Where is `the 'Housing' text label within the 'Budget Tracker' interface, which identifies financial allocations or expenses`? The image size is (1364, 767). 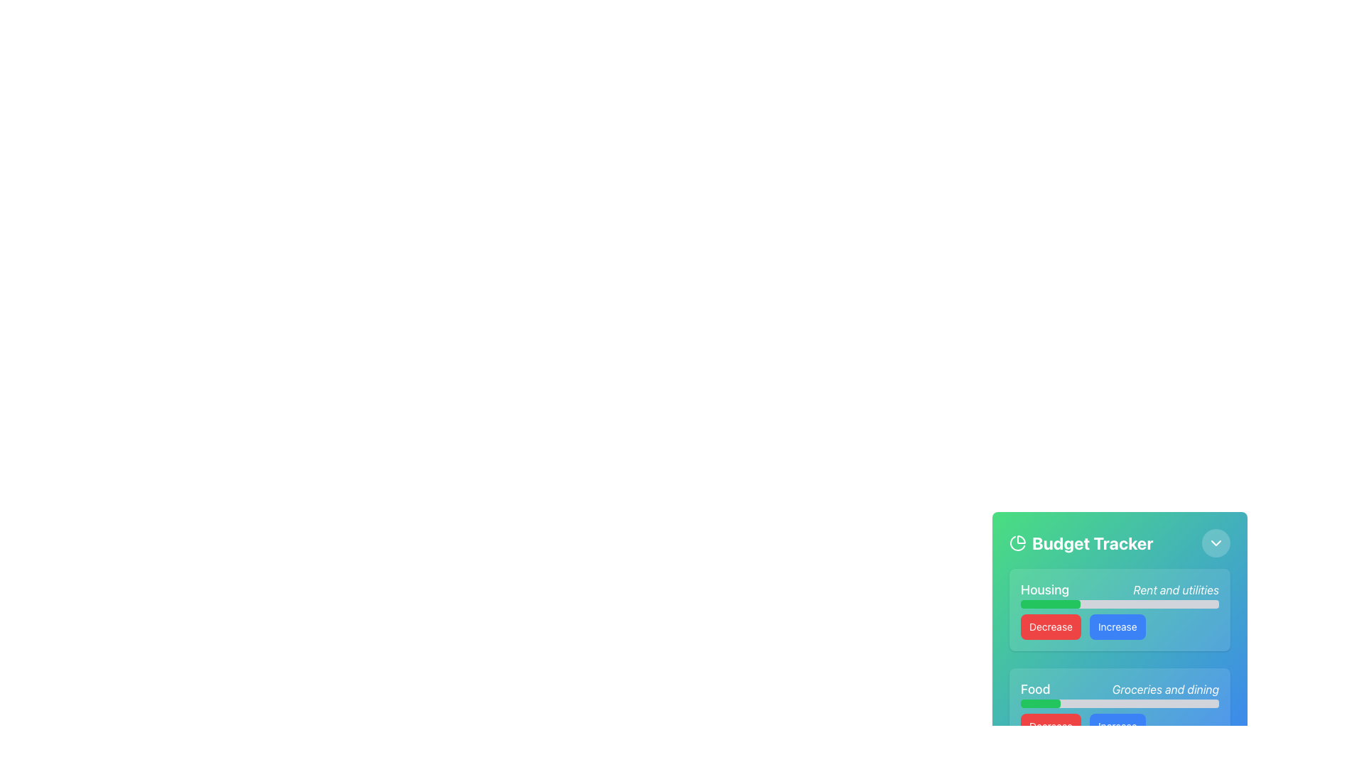
the 'Housing' text label within the 'Budget Tracker' interface, which identifies financial allocations or expenses is located at coordinates (1045, 589).